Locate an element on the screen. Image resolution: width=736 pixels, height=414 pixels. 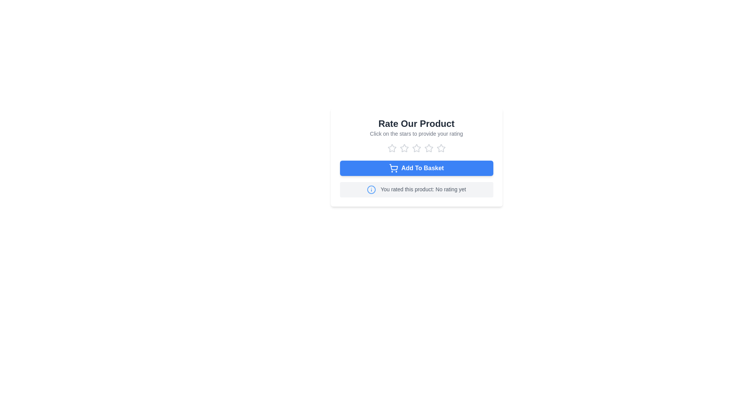
the informational text that says 'Click on the stars to provide your rating', located beneath the title 'Rate Our Product' is located at coordinates (416, 133).